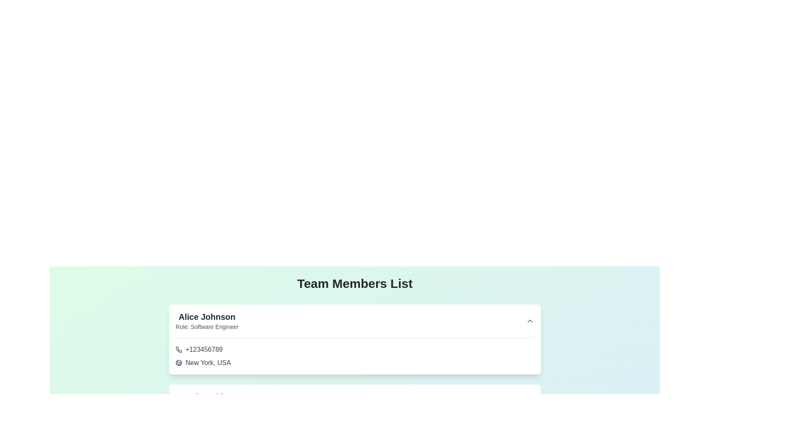  Describe the element at coordinates (178, 350) in the screenshot. I see `the phone call icon located in the upper section of the contact card, immediately to the left of the phone number '+123456789'` at that location.